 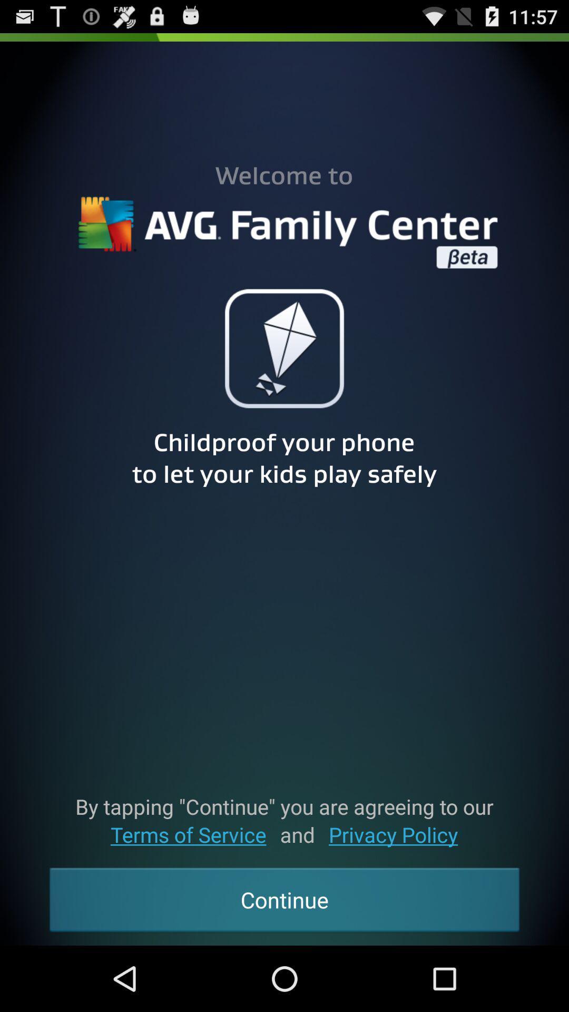 I want to click on the app at the bottom left corner, so click(x=188, y=834).